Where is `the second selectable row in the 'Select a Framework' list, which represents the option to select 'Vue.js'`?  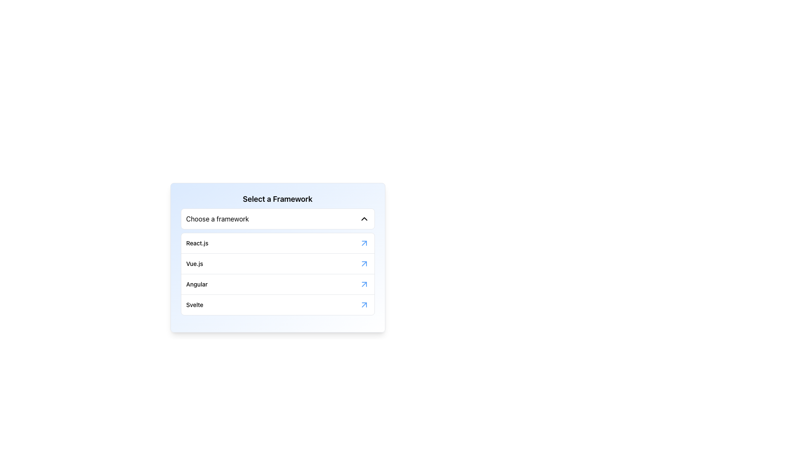
the second selectable row in the 'Select a Framework' list, which represents the option to select 'Vue.js' is located at coordinates (277, 263).